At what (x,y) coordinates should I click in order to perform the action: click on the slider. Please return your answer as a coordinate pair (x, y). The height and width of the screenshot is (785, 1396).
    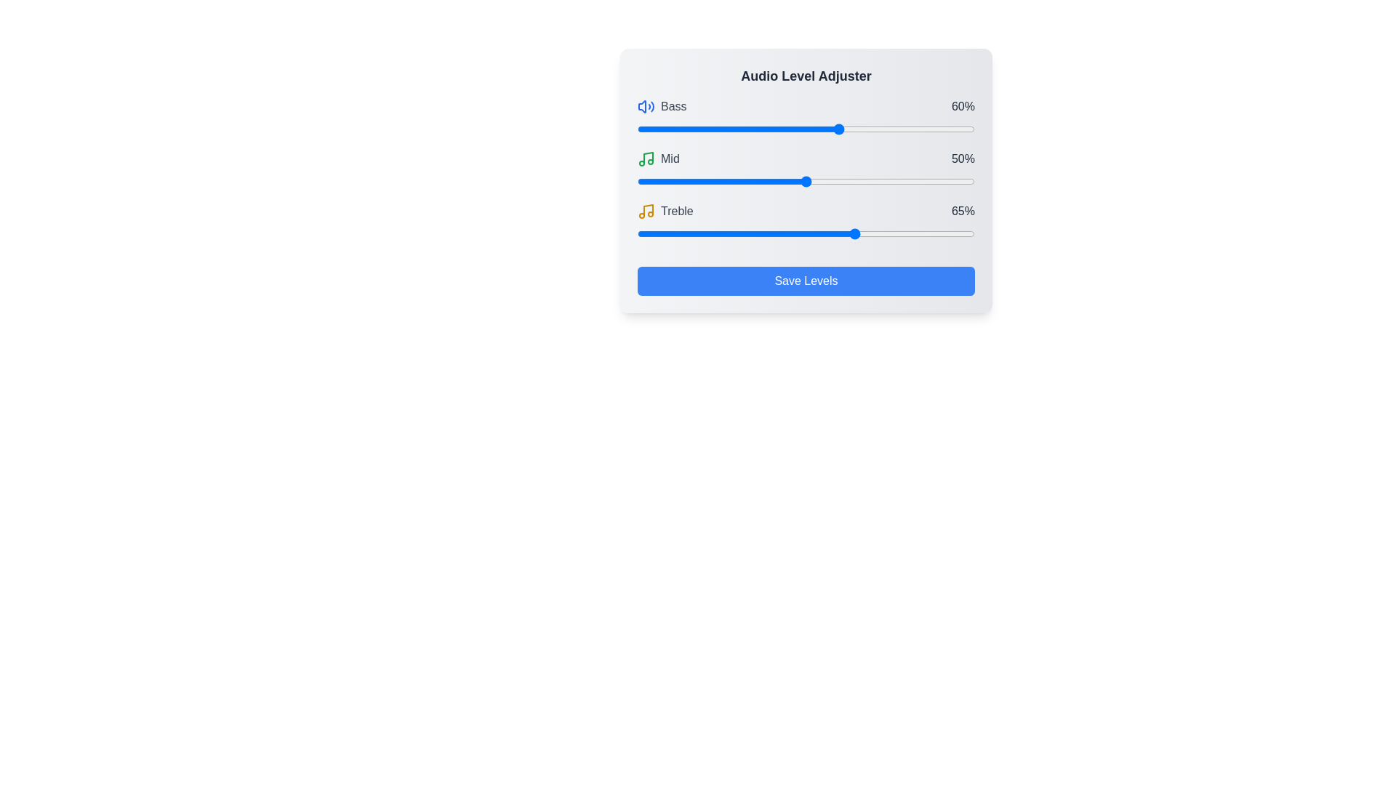
    Looking at the image, I should click on (805, 233).